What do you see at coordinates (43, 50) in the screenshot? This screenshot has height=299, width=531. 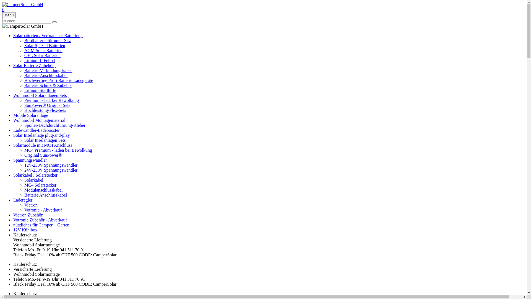 I see `'AGM Solar Batterien'` at bounding box center [43, 50].